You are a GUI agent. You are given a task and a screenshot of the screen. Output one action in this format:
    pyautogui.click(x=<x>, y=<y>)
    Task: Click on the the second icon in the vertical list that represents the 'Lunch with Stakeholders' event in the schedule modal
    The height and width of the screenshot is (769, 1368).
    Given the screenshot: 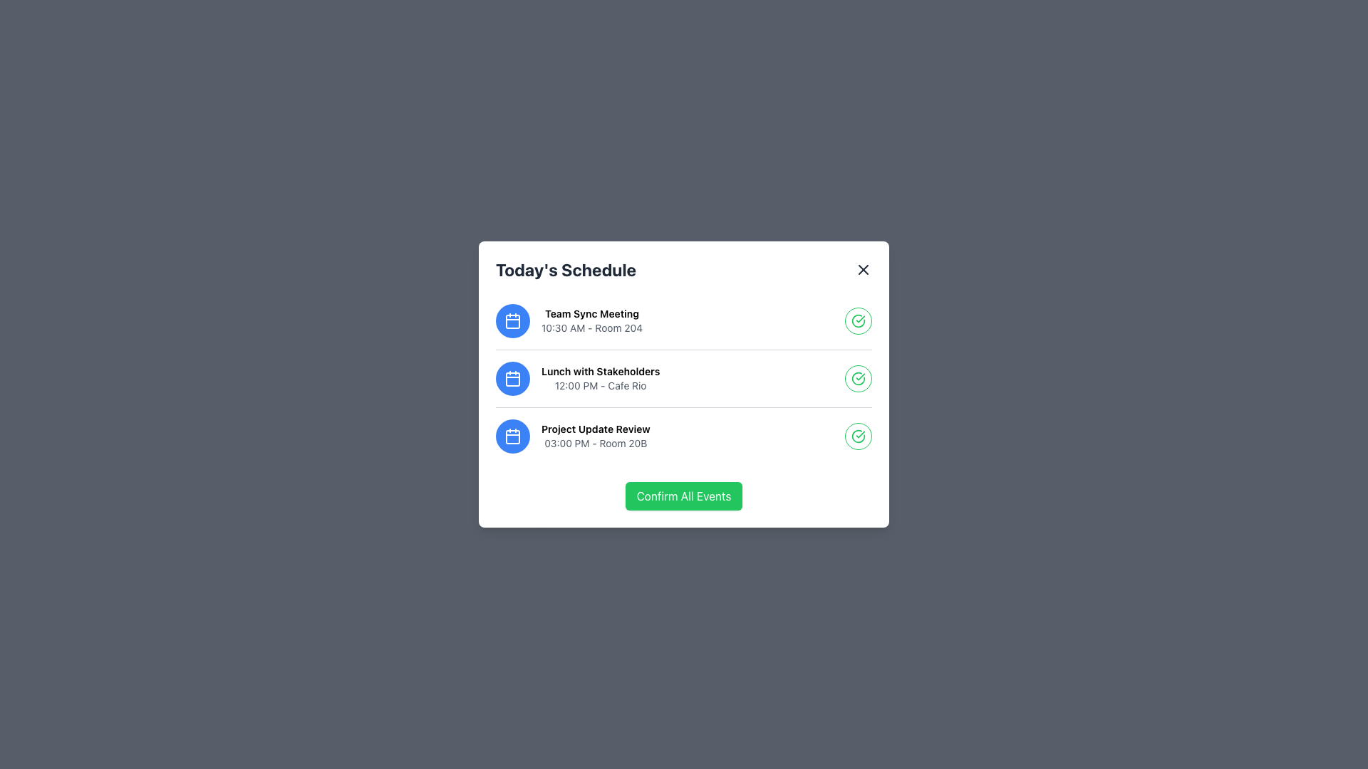 What is the action you would take?
    pyautogui.click(x=513, y=378)
    